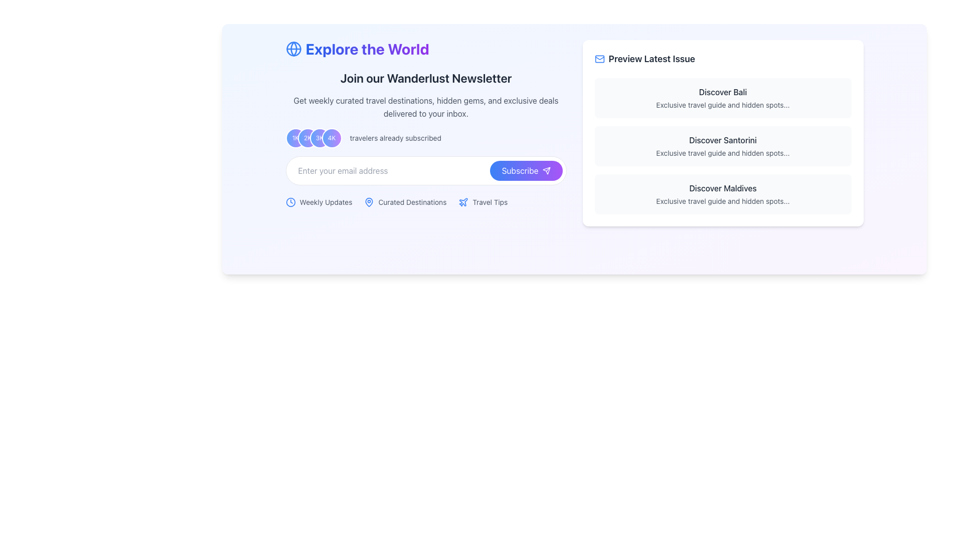  Describe the element at coordinates (367, 49) in the screenshot. I see `the static header text located near the top-left corner of the central content section, positioned to the right of a small spinning globe icon` at that location.